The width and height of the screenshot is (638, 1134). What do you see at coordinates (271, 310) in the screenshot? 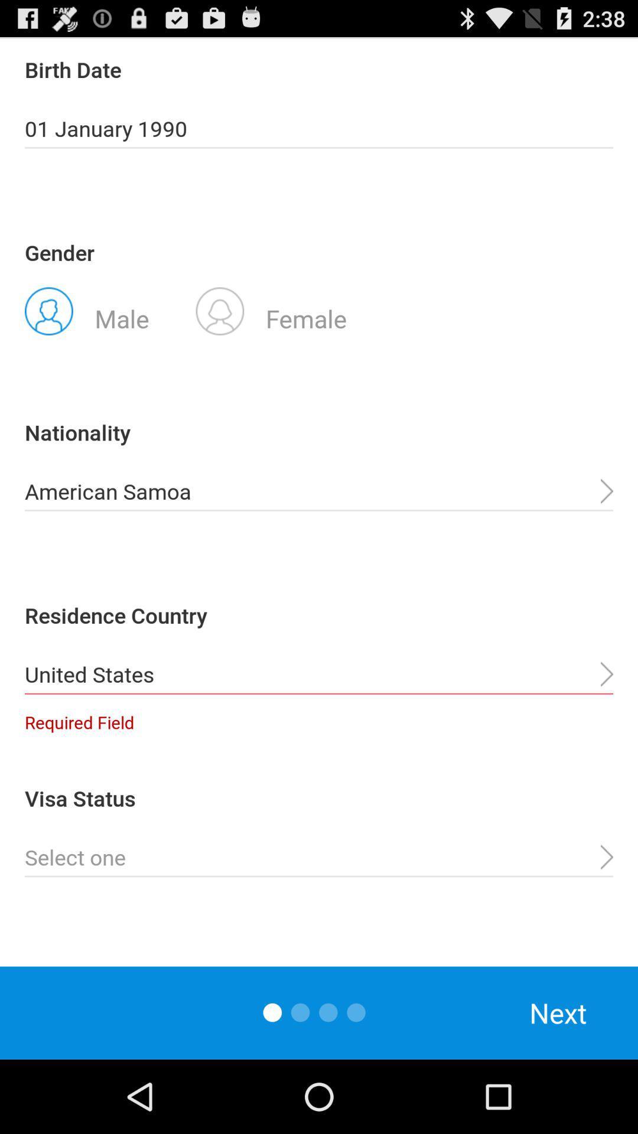
I see `the app above american samoa` at bounding box center [271, 310].